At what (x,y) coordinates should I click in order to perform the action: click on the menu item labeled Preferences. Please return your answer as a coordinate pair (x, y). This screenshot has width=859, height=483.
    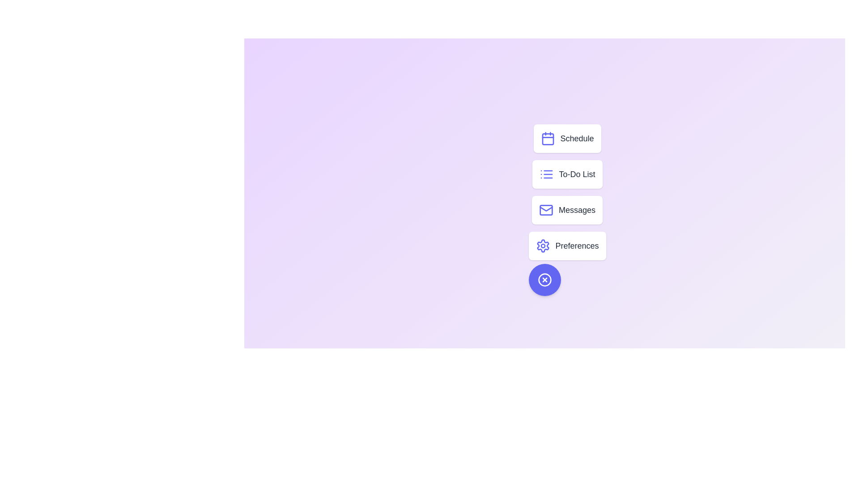
    Looking at the image, I should click on (566, 246).